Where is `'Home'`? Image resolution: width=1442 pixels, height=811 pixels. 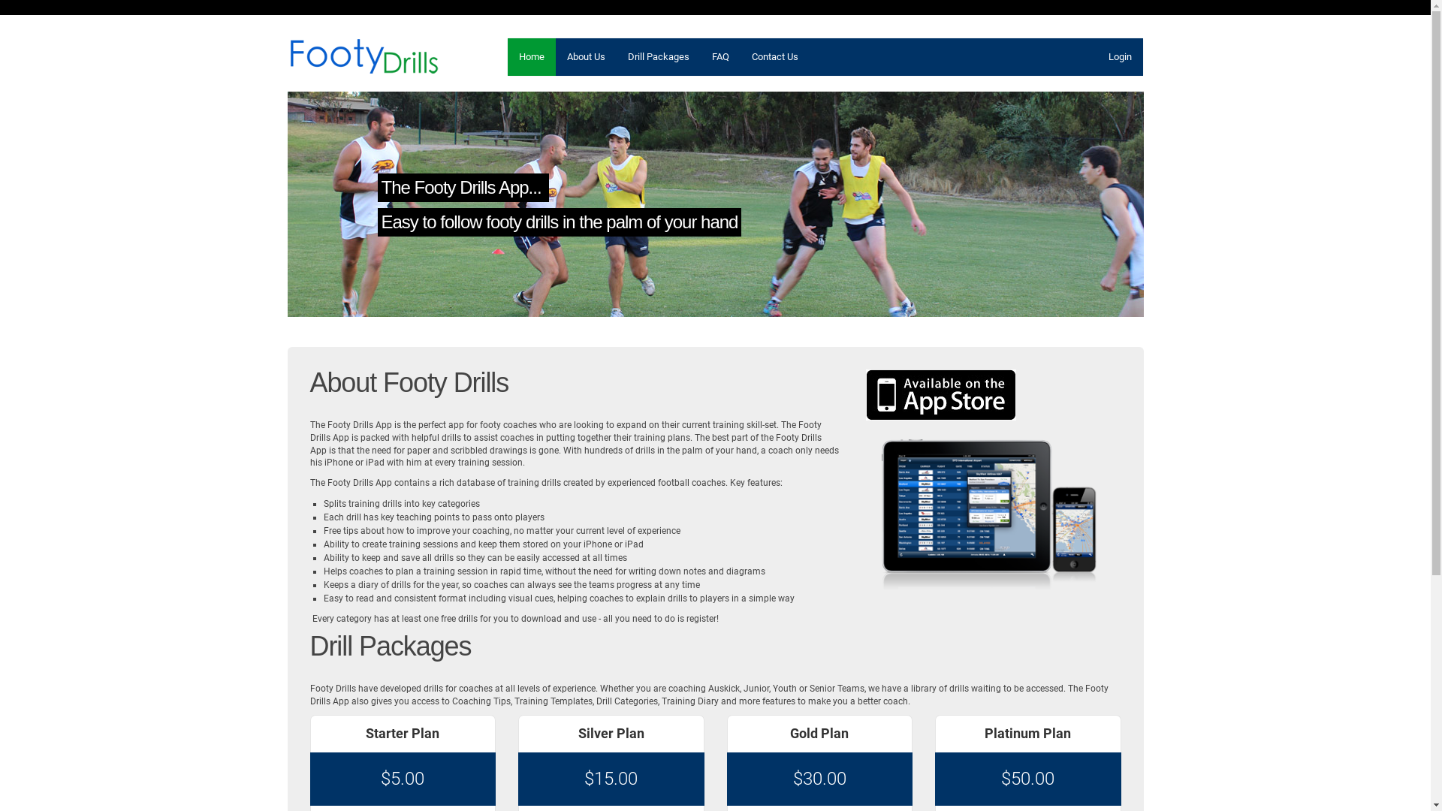
'Home' is located at coordinates (532, 56).